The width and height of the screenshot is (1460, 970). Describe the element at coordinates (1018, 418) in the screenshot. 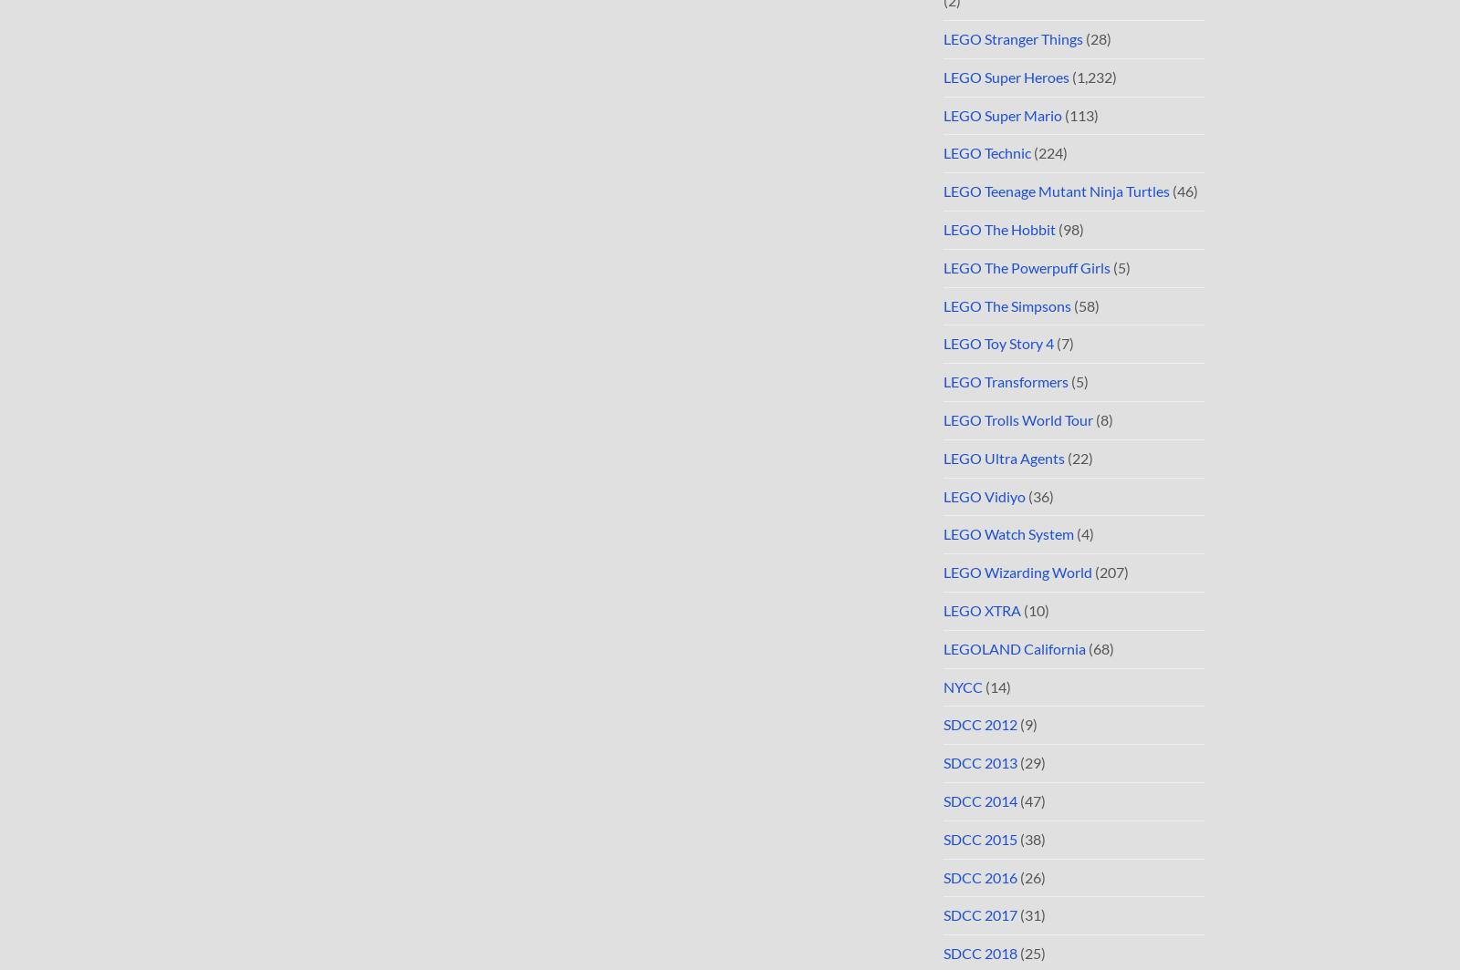

I see `'LEGO Trolls World Tour'` at that location.